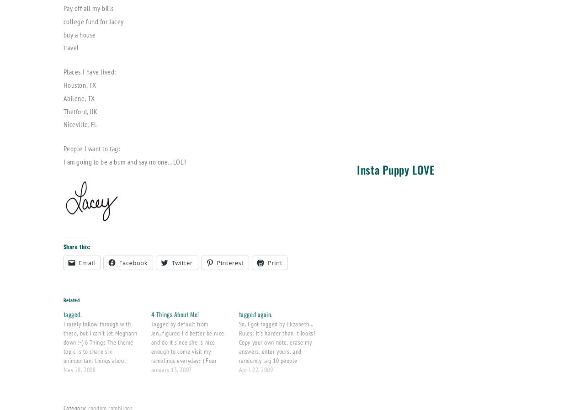 This screenshot has width=585, height=410. What do you see at coordinates (274, 262) in the screenshot?
I see `'Print'` at bounding box center [274, 262].